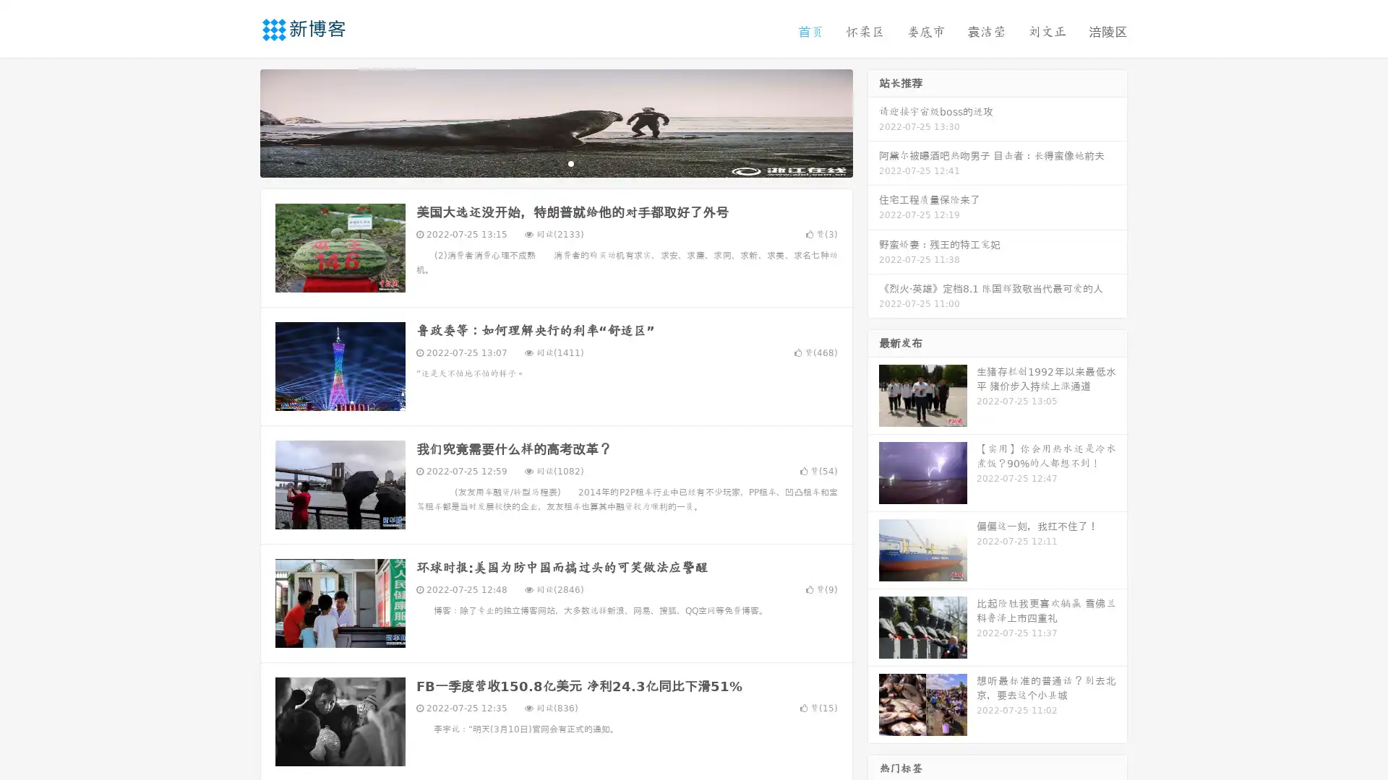  What do you see at coordinates (873, 121) in the screenshot?
I see `Next slide` at bounding box center [873, 121].